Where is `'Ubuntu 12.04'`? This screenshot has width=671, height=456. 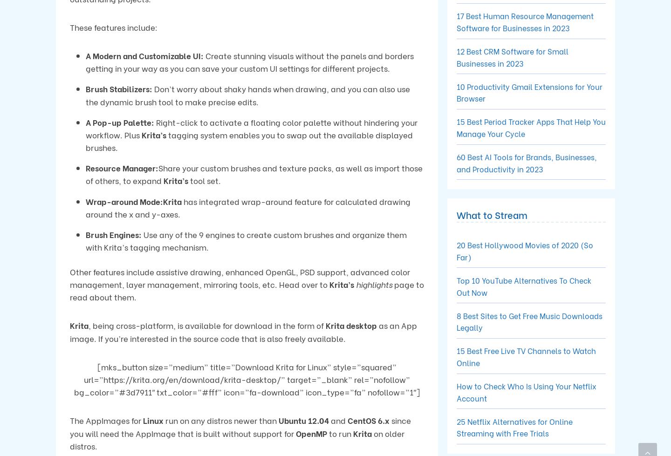 'Ubuntu 12.04' is located at coordinates (303, 420).